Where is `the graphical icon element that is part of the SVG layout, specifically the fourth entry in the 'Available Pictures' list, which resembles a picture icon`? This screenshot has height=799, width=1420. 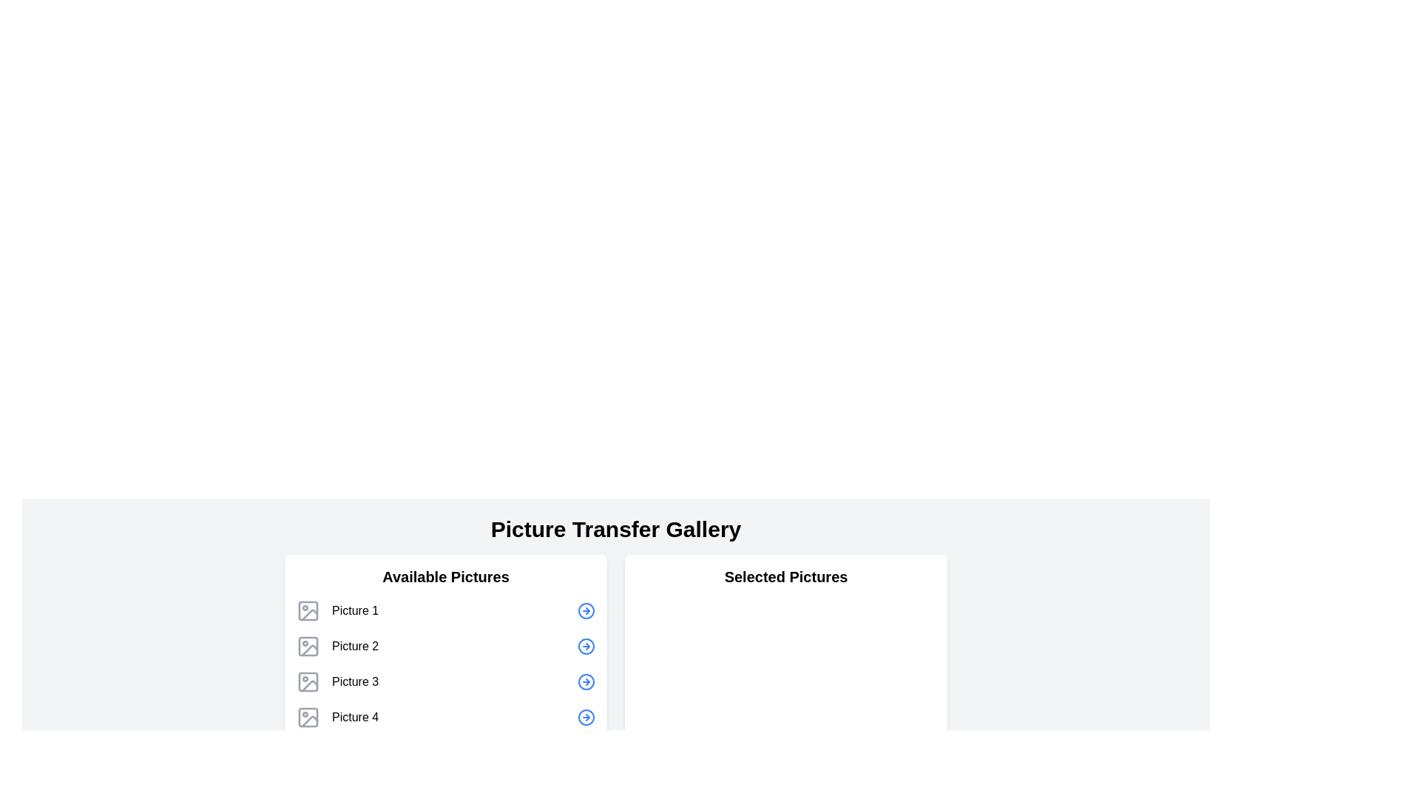 the graphical icon element that is part of the SVG layout, specifically the fourth entry in the 'Available Pictures' list, which resembles a picture icon is located at coordinates (308, 716).